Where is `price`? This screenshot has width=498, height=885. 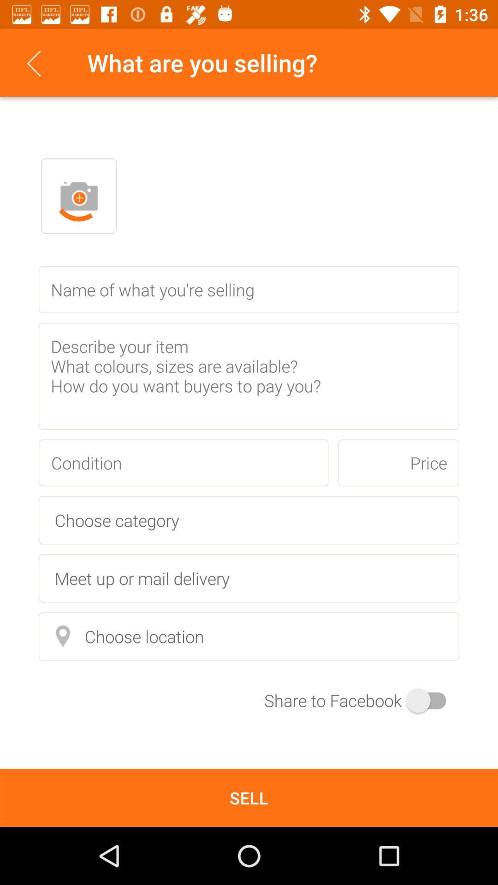
price is located at coordinates (398, 463).